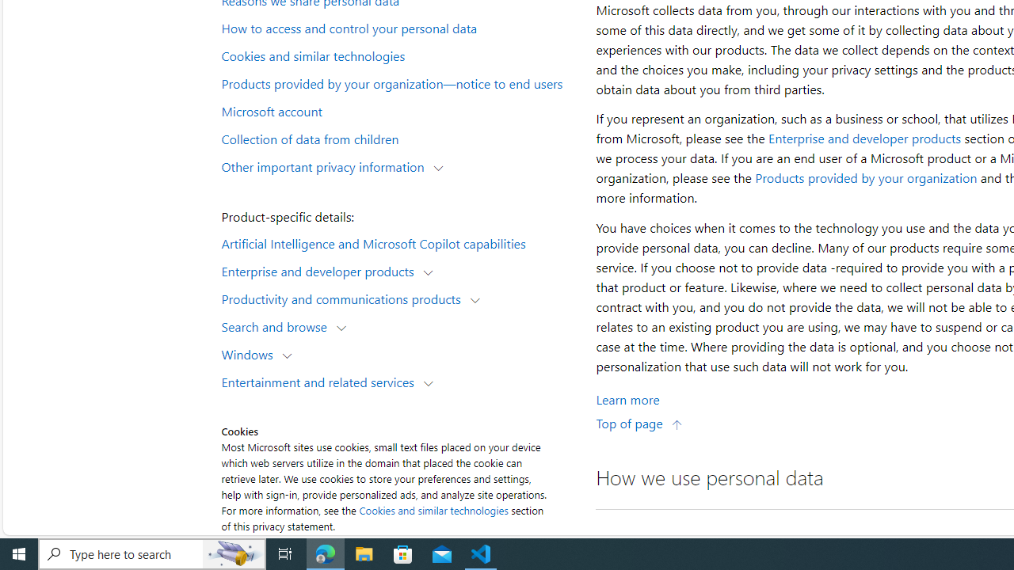 Image resolution: width=1014 pixels, height=570 pixels. Describe the element at coordinates (865, 178) in the screenshot. I see `'Products provided by your organization'` at that location.